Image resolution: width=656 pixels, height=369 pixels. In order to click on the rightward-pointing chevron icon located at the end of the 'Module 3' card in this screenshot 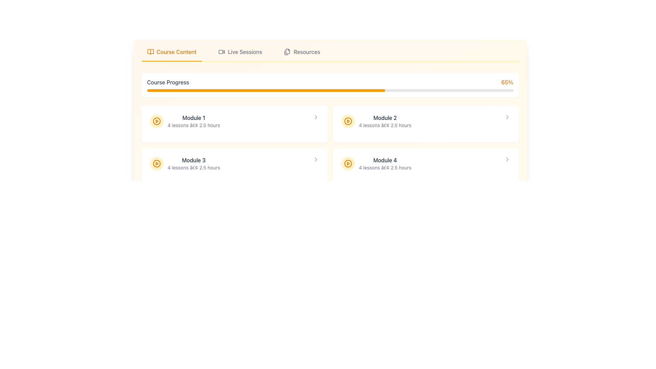, I will do `click(315, 159)`.